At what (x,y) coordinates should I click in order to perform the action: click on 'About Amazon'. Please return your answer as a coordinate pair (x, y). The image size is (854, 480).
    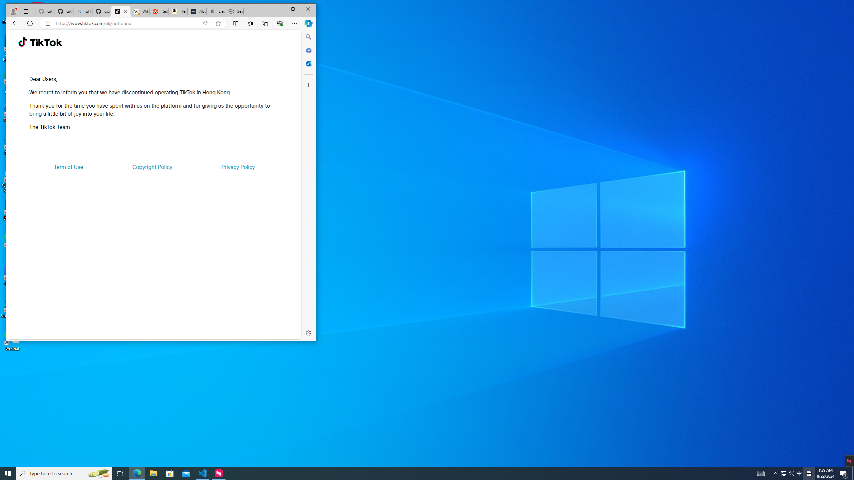
    Looking at the image, I should click on (197, 11).